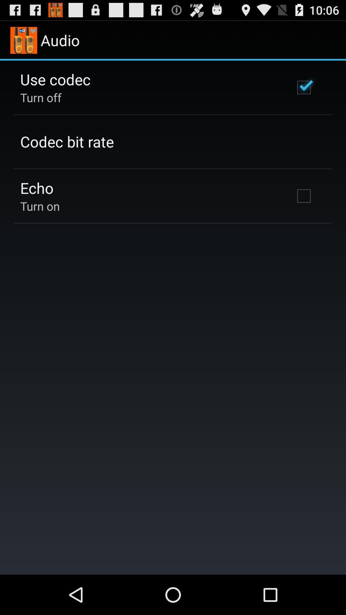 The height and width of the screenshot is (615, 346). What do you see at coordinates (55, 79) in the screenshot?
I see `use codec item` at bounding box center [55, 79].